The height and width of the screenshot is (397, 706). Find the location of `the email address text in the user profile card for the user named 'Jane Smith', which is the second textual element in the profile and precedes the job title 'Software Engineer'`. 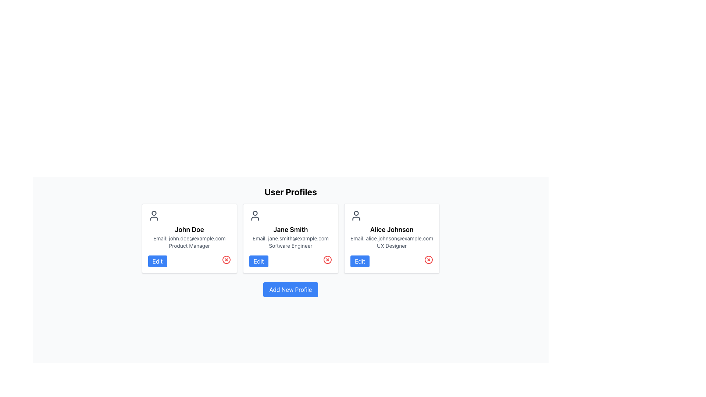

the email address text in the user profile card for the user named 'Jane Smith', which is the second textual element in the profile and precedes the job title 'Software Engineer' is located at coordinates (290, 238).